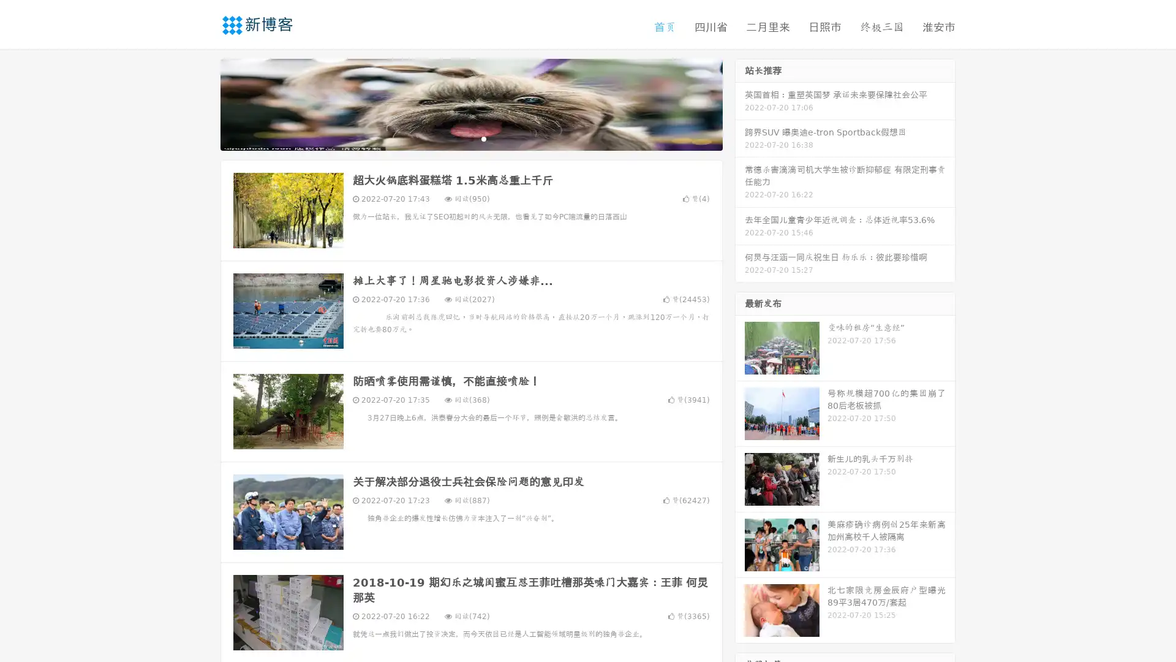 Image resolution: width=1176 pixels, height=662 pixels. I want to click on Previous slide, so click(202, 103).